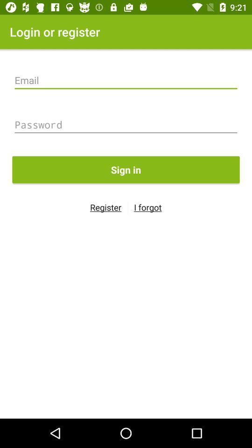 The height and width of the screenshot is (448, 252). I want to click on the i forgot, so click(147, 207).